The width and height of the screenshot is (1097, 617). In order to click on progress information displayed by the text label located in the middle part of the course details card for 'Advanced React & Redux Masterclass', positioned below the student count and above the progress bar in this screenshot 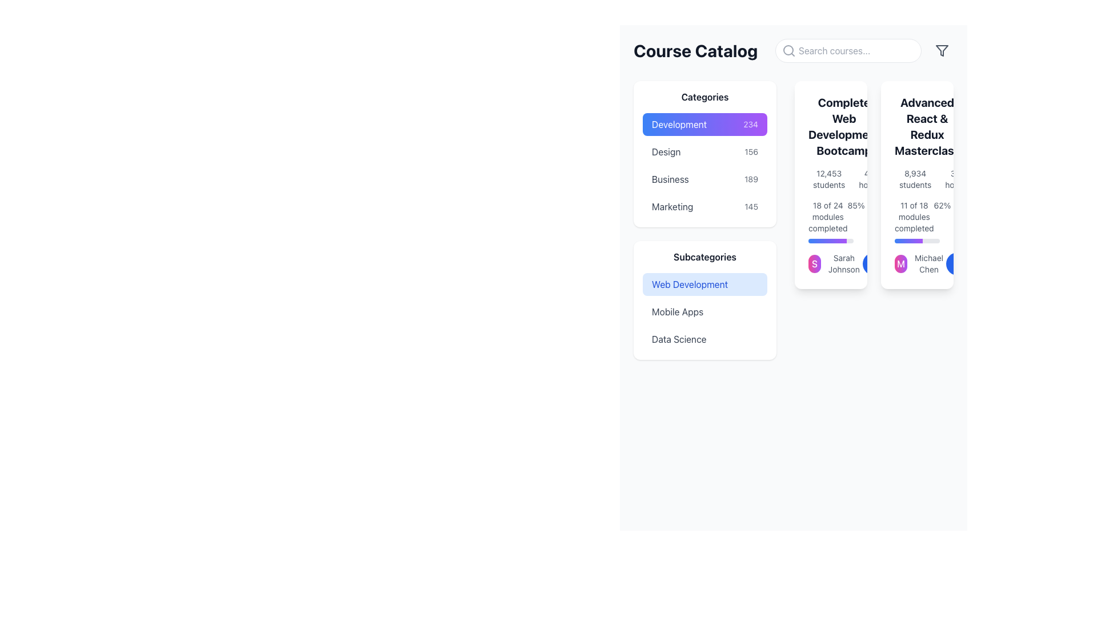, I will do `click(914, 217)`.